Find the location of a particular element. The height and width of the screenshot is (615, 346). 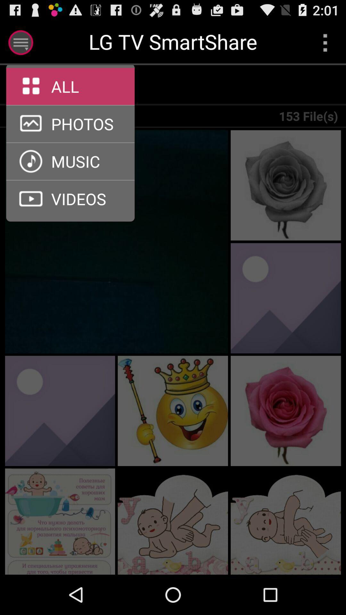

the arrow_forward icon is located at coordinates (70, 152).